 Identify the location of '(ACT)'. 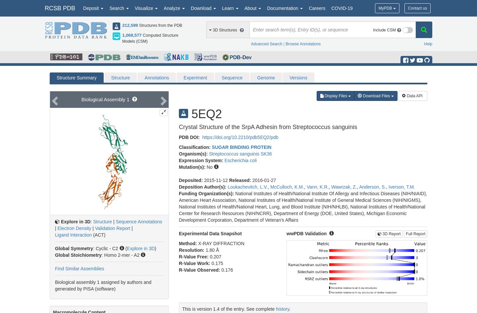
(98, 235).